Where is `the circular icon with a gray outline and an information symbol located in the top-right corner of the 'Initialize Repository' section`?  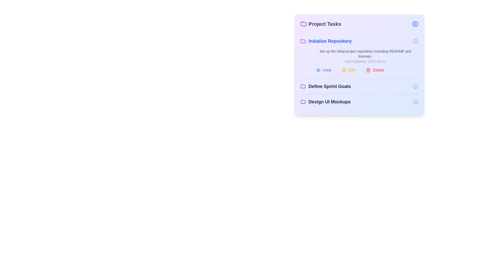 the circular icon with a gray outline and an information symbol located in the top-right corner of the 'Initialize Repository' section is located at coordinates (415, 41).